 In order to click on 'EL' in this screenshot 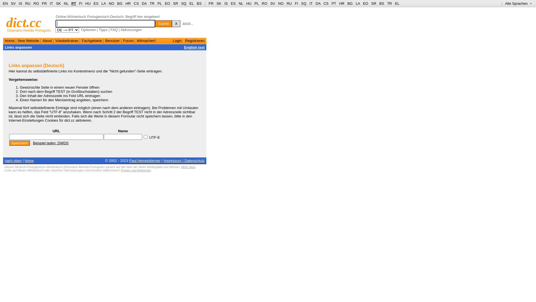, I will do `click(397, 3)`.